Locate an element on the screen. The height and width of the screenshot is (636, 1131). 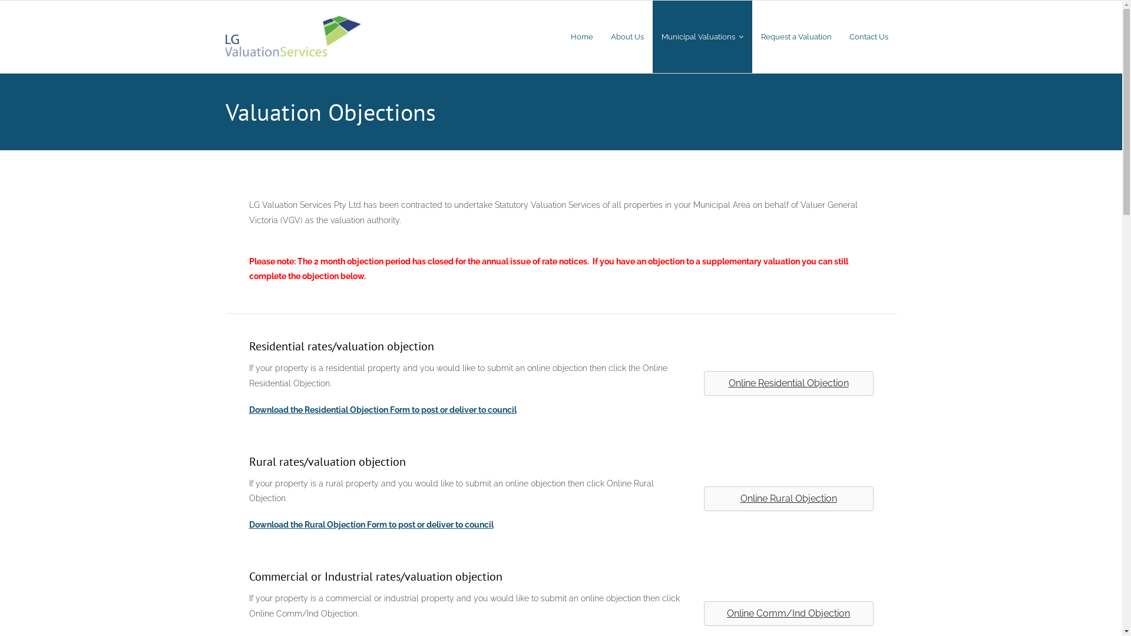
'About Us' is located at coordinates (627, 36).